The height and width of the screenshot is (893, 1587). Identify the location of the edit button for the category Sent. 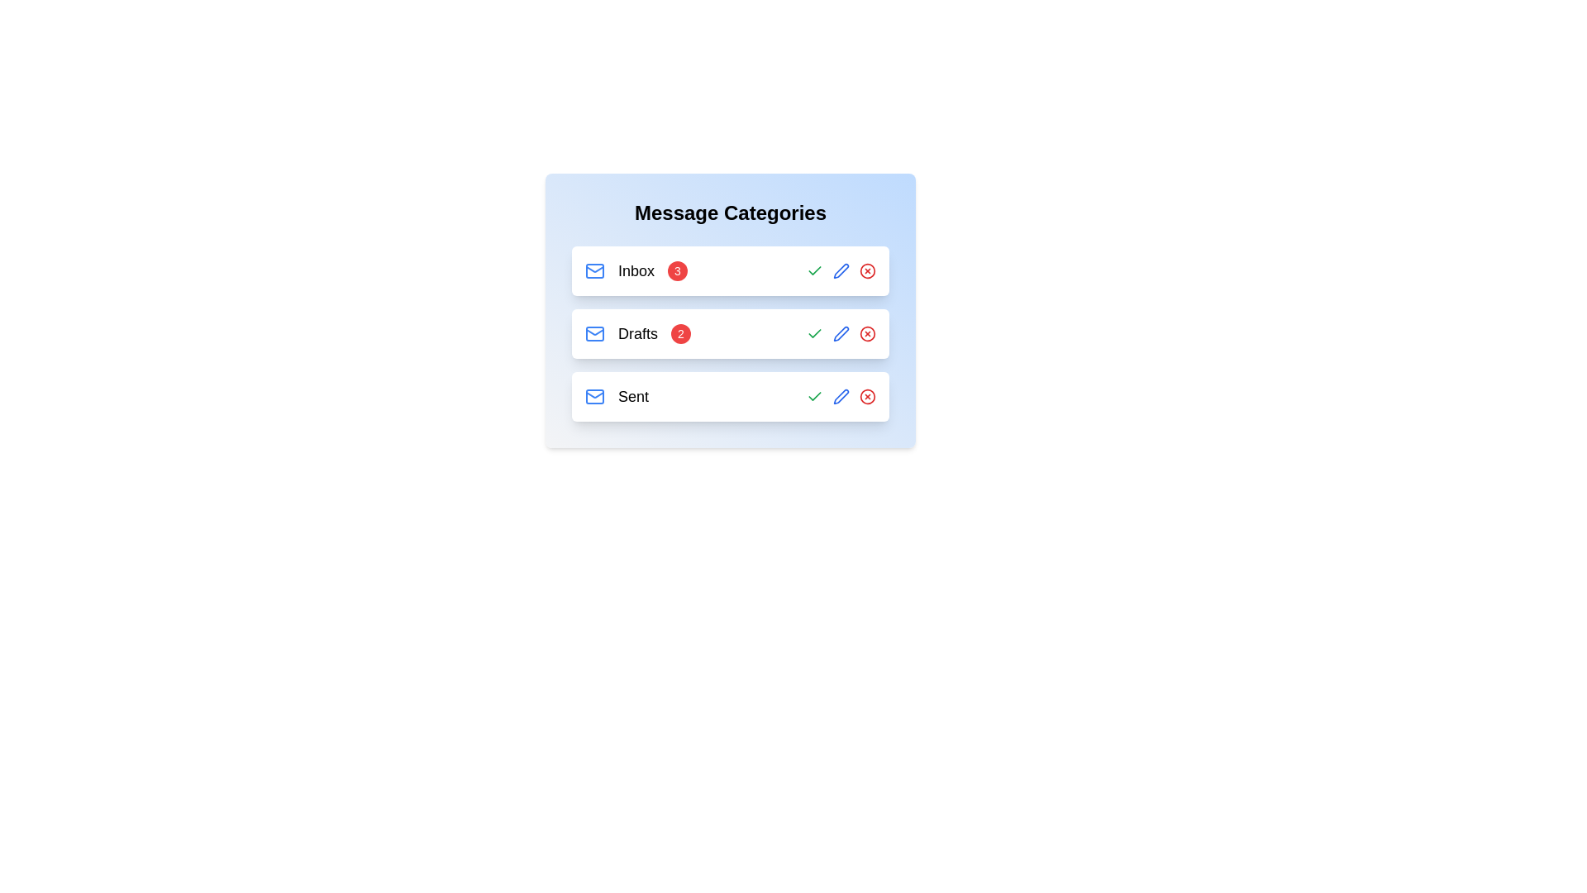
(841, 396).